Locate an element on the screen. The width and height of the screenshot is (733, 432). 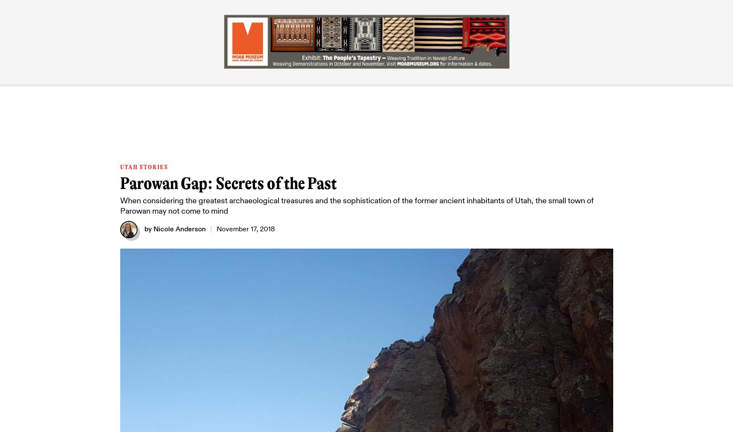
'LATEST' is located at coordinates (132, 42).